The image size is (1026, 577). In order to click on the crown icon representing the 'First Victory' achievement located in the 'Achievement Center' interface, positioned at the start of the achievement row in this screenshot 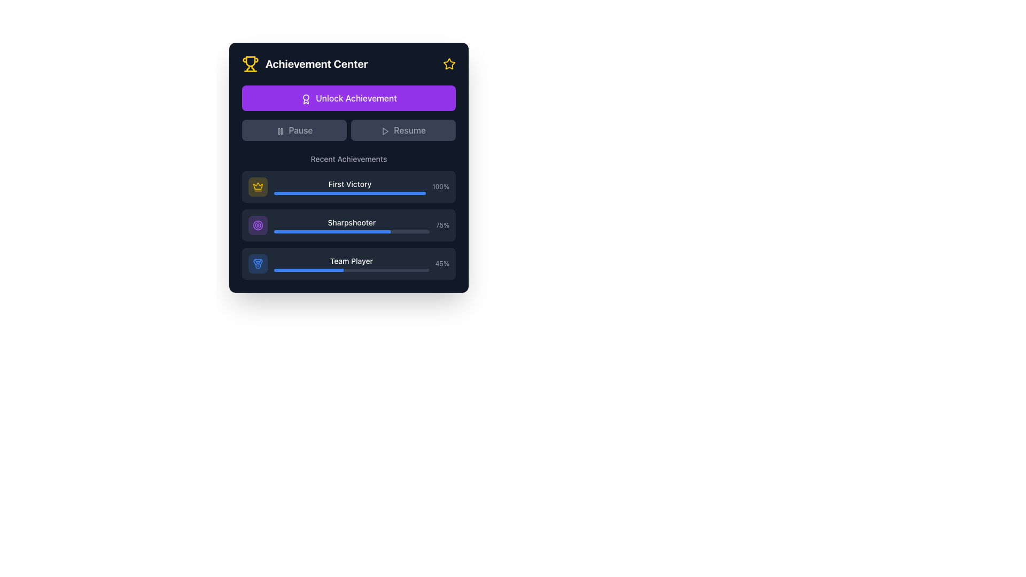, I will do `click(258, 185)`.